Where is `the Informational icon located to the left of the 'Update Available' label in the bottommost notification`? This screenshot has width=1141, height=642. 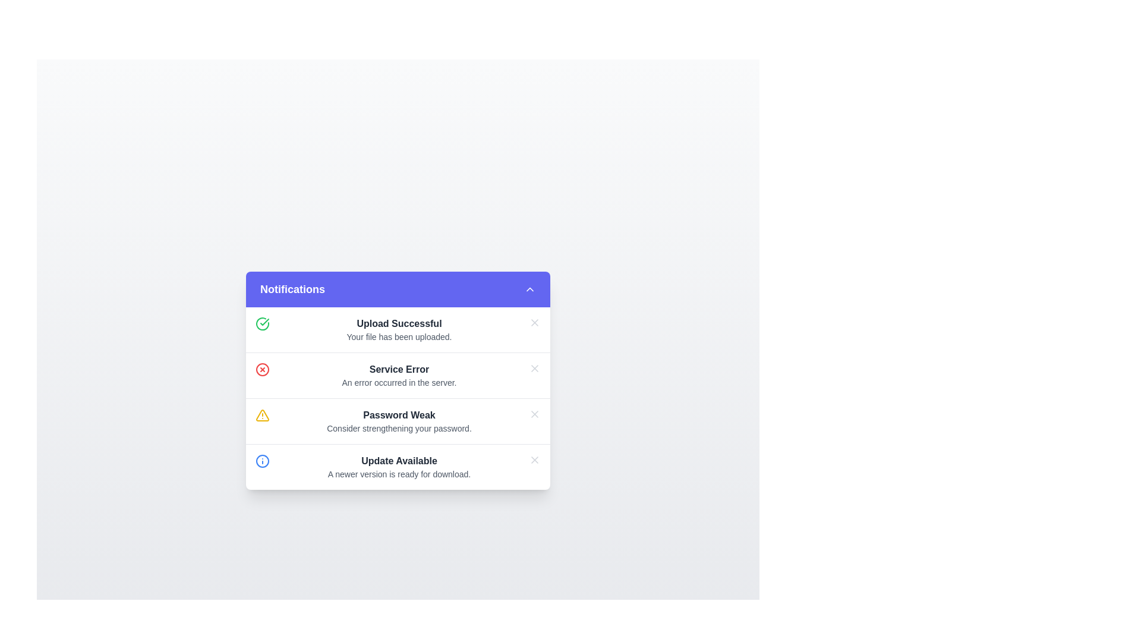 the Informational icon located to the left of the 'Update Available' label in the bottommost notification is located at coordinates (261, 460).